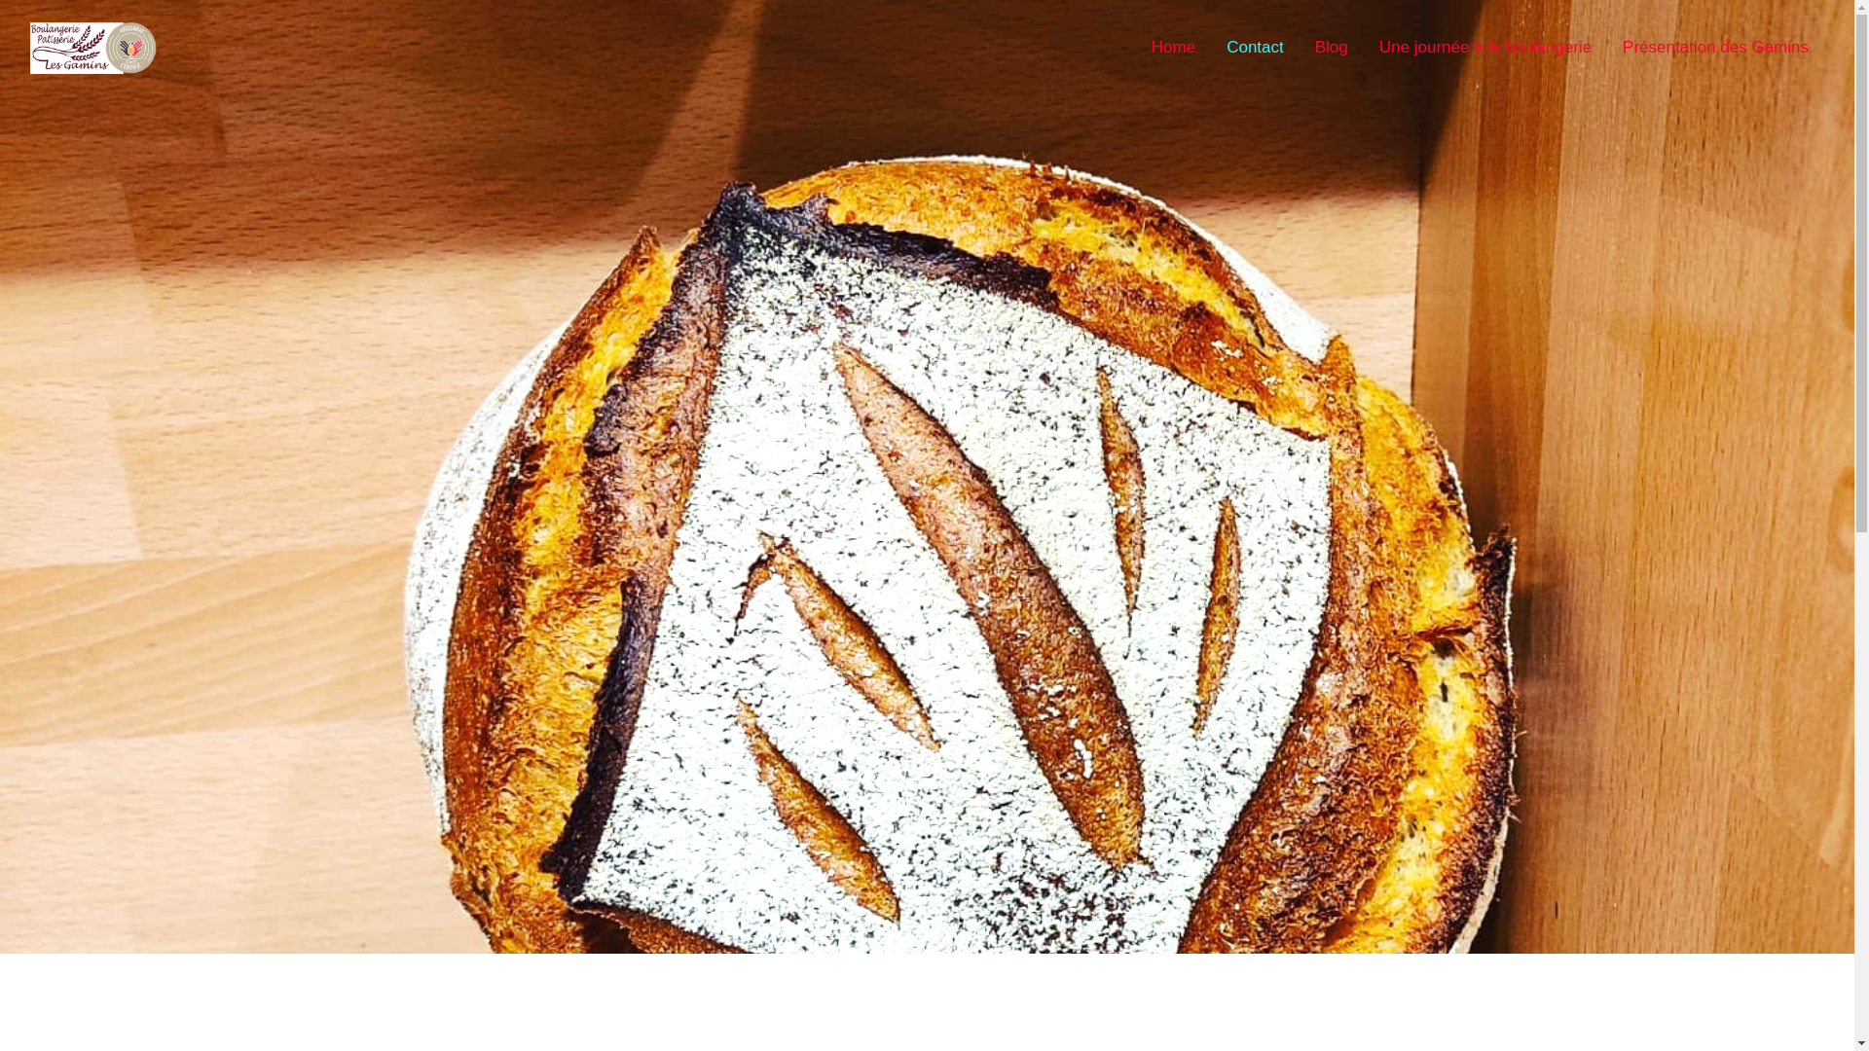 Image resolution: width=1869 pixels, height=1051 pixels. What do you see at coordinates (1255, 47) in the screenshot?
I see `'Contact'` at bounding box center [1255, 47].